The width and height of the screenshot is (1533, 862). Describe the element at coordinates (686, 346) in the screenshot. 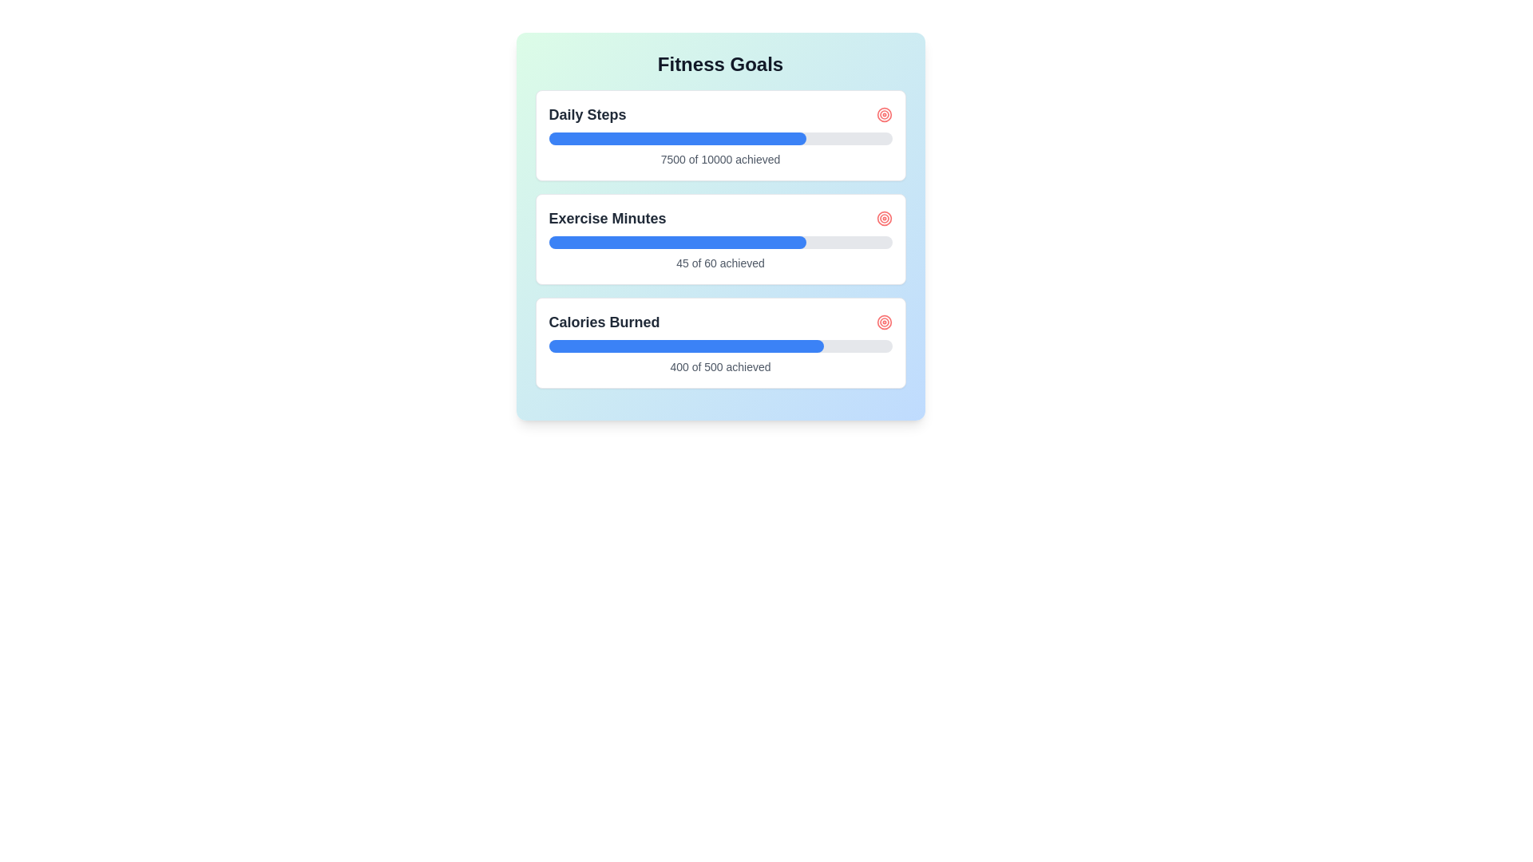

I see `the blue progress bar segment that represents 80% completion of the 'Calories Burned' goal in the fitness card layout` at that location.